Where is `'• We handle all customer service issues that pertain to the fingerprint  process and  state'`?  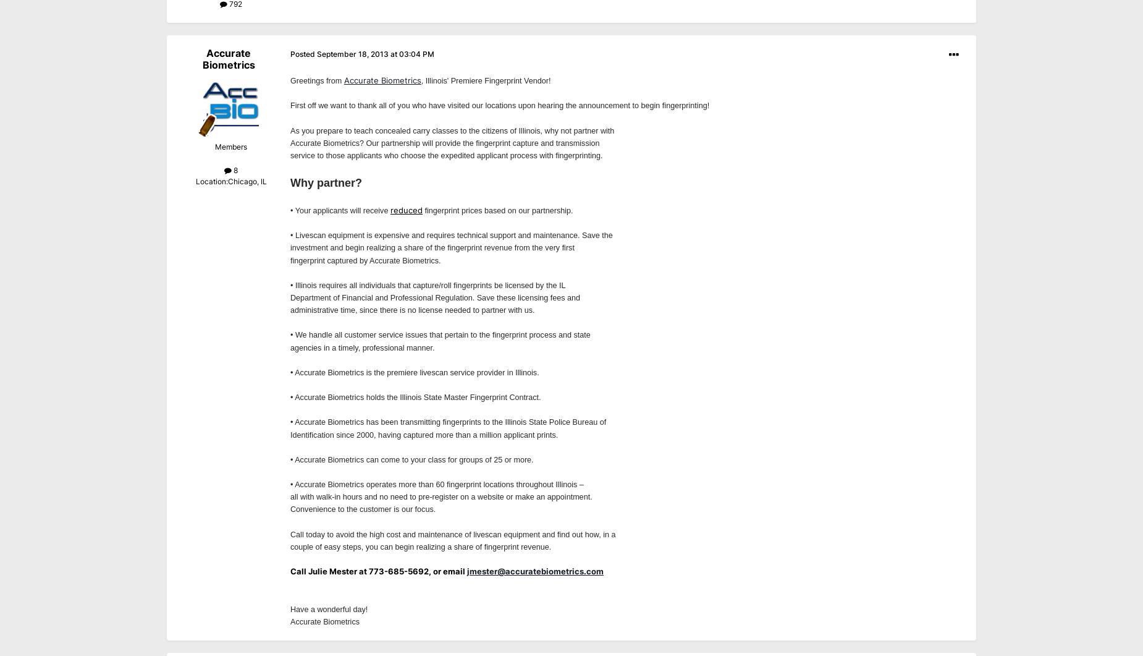
'• We handle all customer service issues that pertain to the fingerprint  process and  state' is located at coordinates (440, 334).